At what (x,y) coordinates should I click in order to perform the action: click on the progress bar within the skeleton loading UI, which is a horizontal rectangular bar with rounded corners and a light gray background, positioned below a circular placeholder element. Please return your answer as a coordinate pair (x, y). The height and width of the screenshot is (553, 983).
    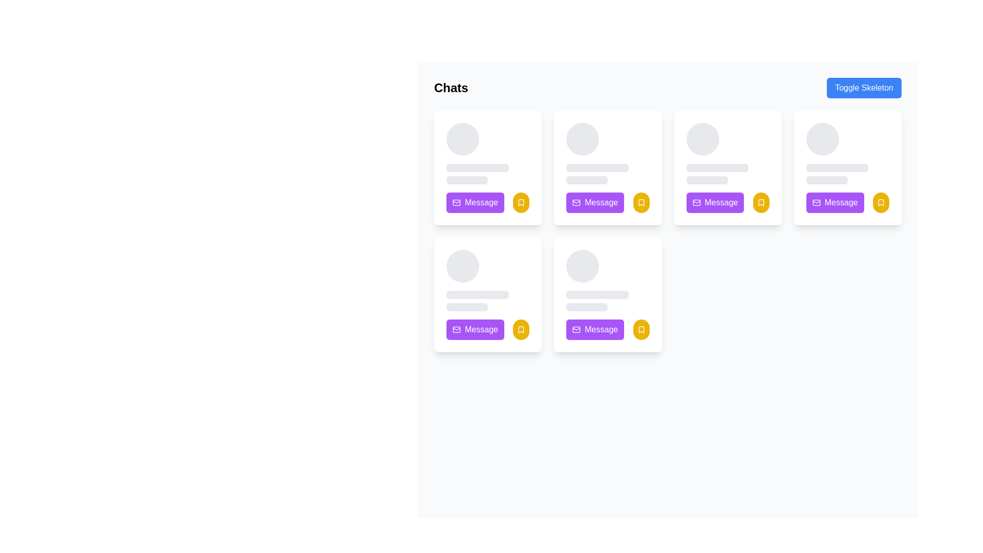
    Looking at the image, I should click on (477, 294).